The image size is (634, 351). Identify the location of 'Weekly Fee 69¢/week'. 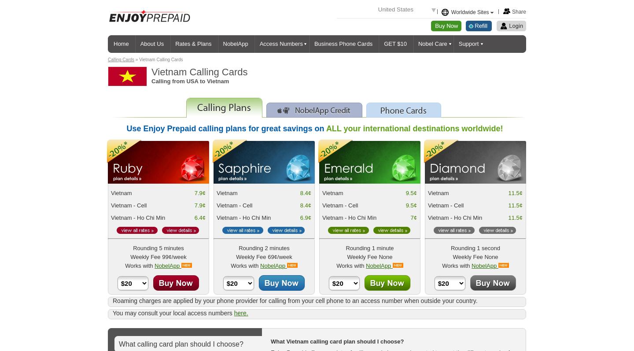
(264, 257).